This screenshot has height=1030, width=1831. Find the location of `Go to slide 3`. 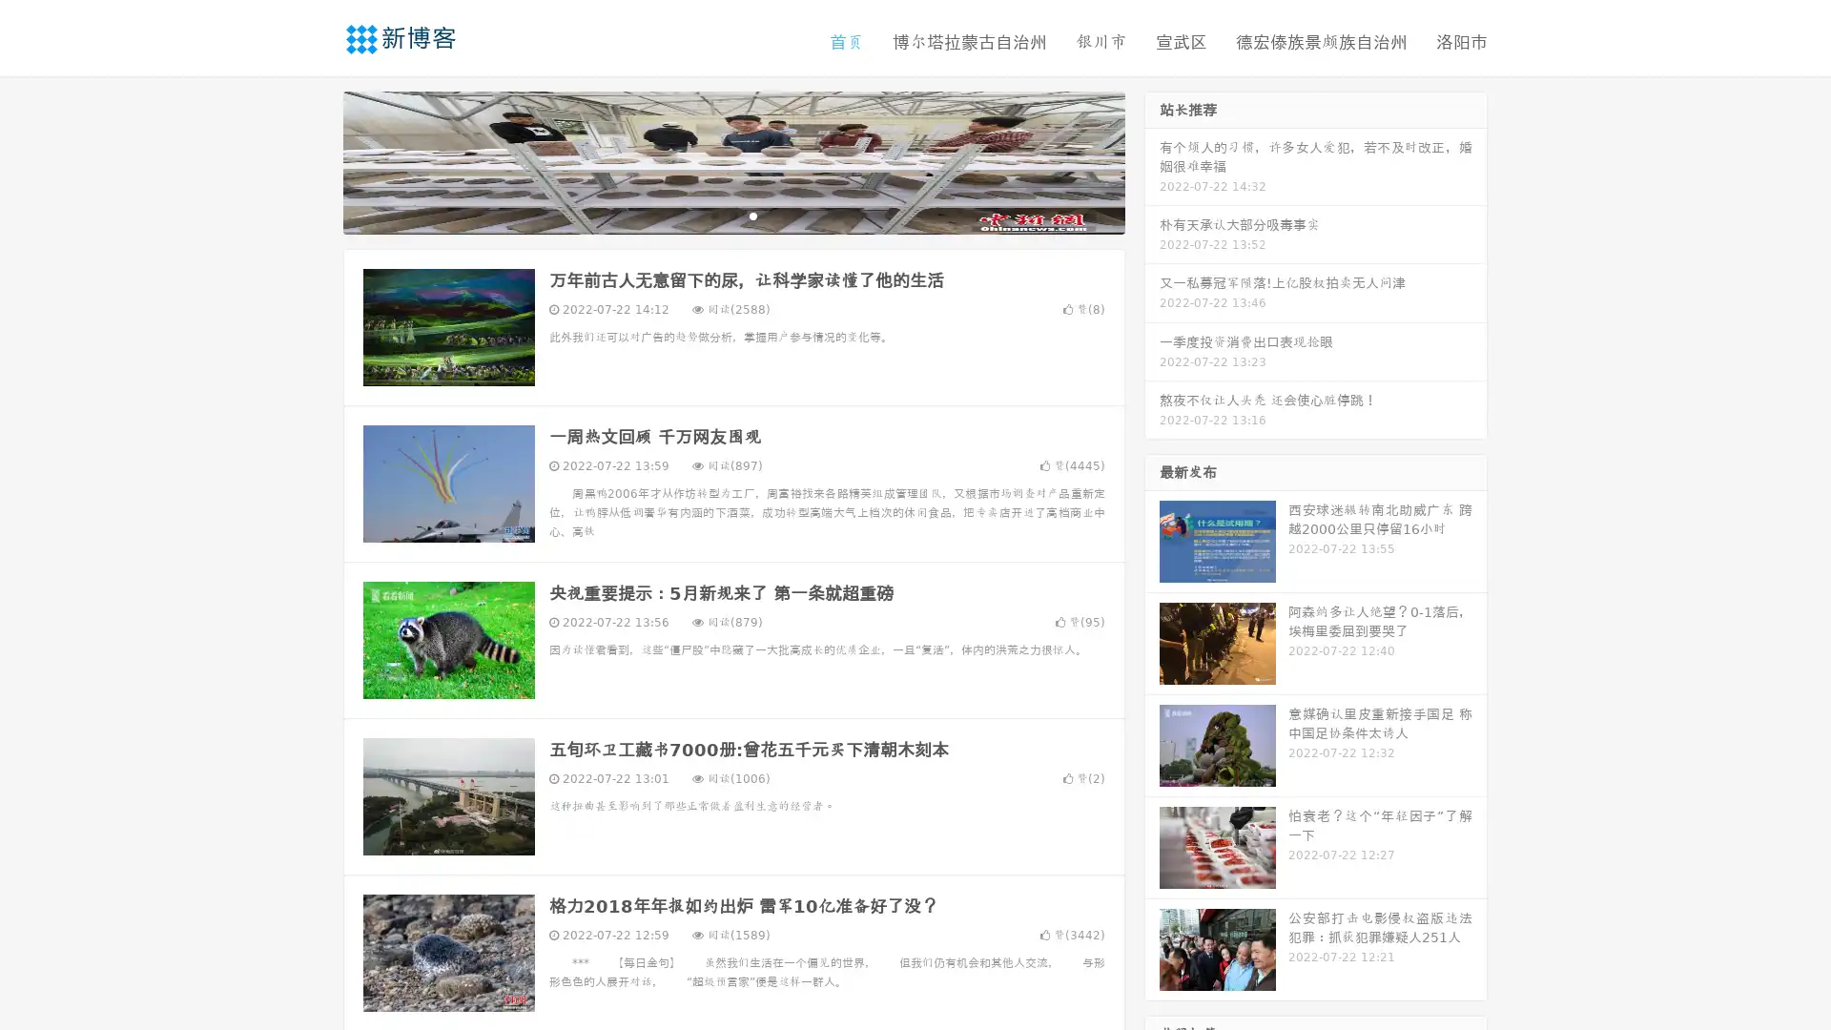

Go to slide 3 is located at coordinates (752, 215).